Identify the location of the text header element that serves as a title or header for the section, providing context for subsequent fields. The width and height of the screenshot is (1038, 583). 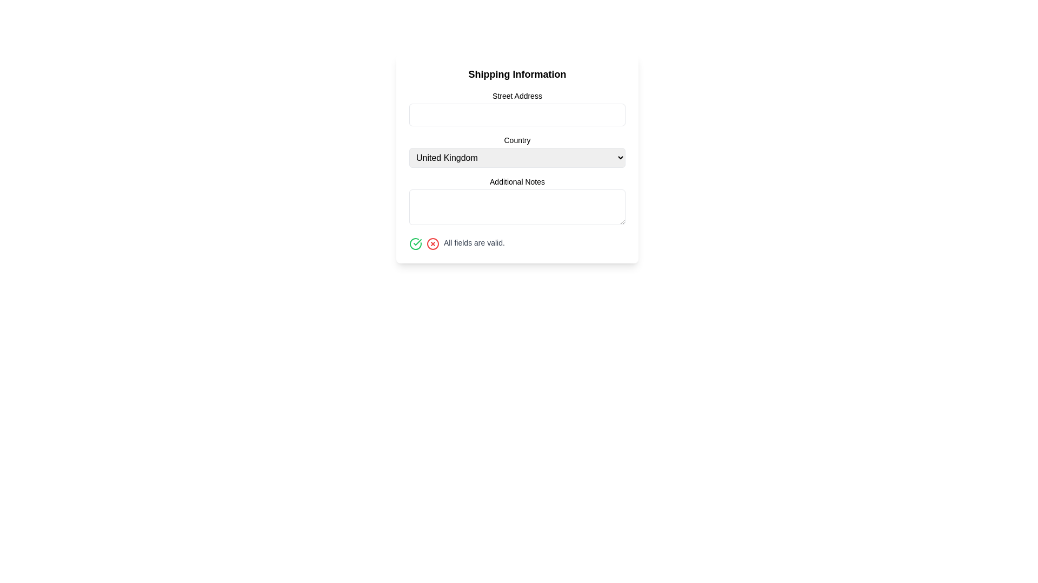
(516, 74).